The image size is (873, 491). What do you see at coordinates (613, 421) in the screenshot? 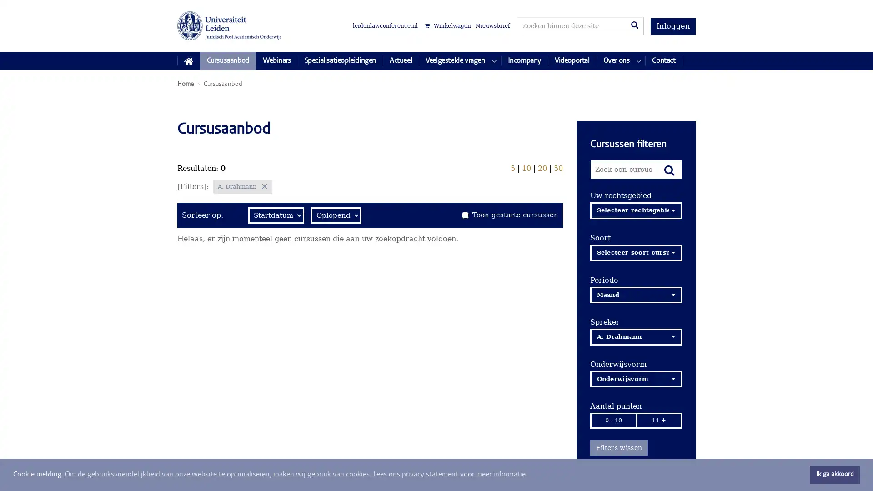
I see `0 - 10` at bounding box center [613, 421].